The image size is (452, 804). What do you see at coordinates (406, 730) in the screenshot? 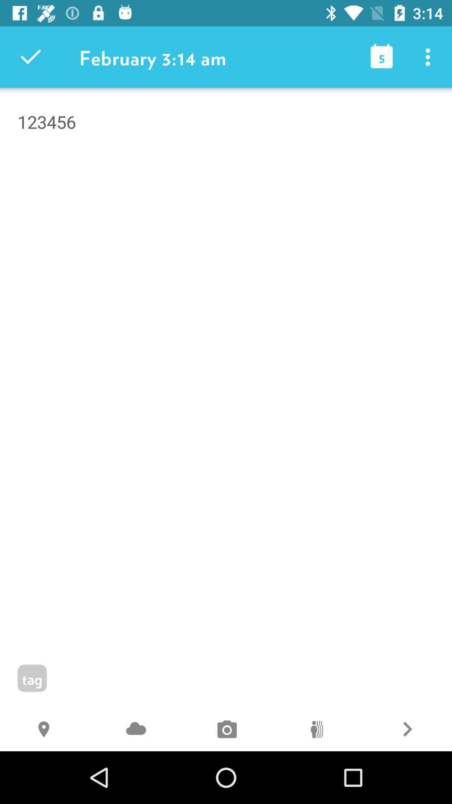
I see `icon to the right of 0 item` at bounding box center [406, 730].